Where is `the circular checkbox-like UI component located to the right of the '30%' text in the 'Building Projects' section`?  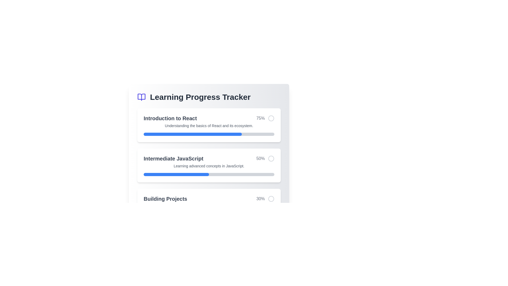
the circular checkbox-like UI component located to the right of the '30%' text in the 'Building Projects' section is located at coordinates (271, 199).